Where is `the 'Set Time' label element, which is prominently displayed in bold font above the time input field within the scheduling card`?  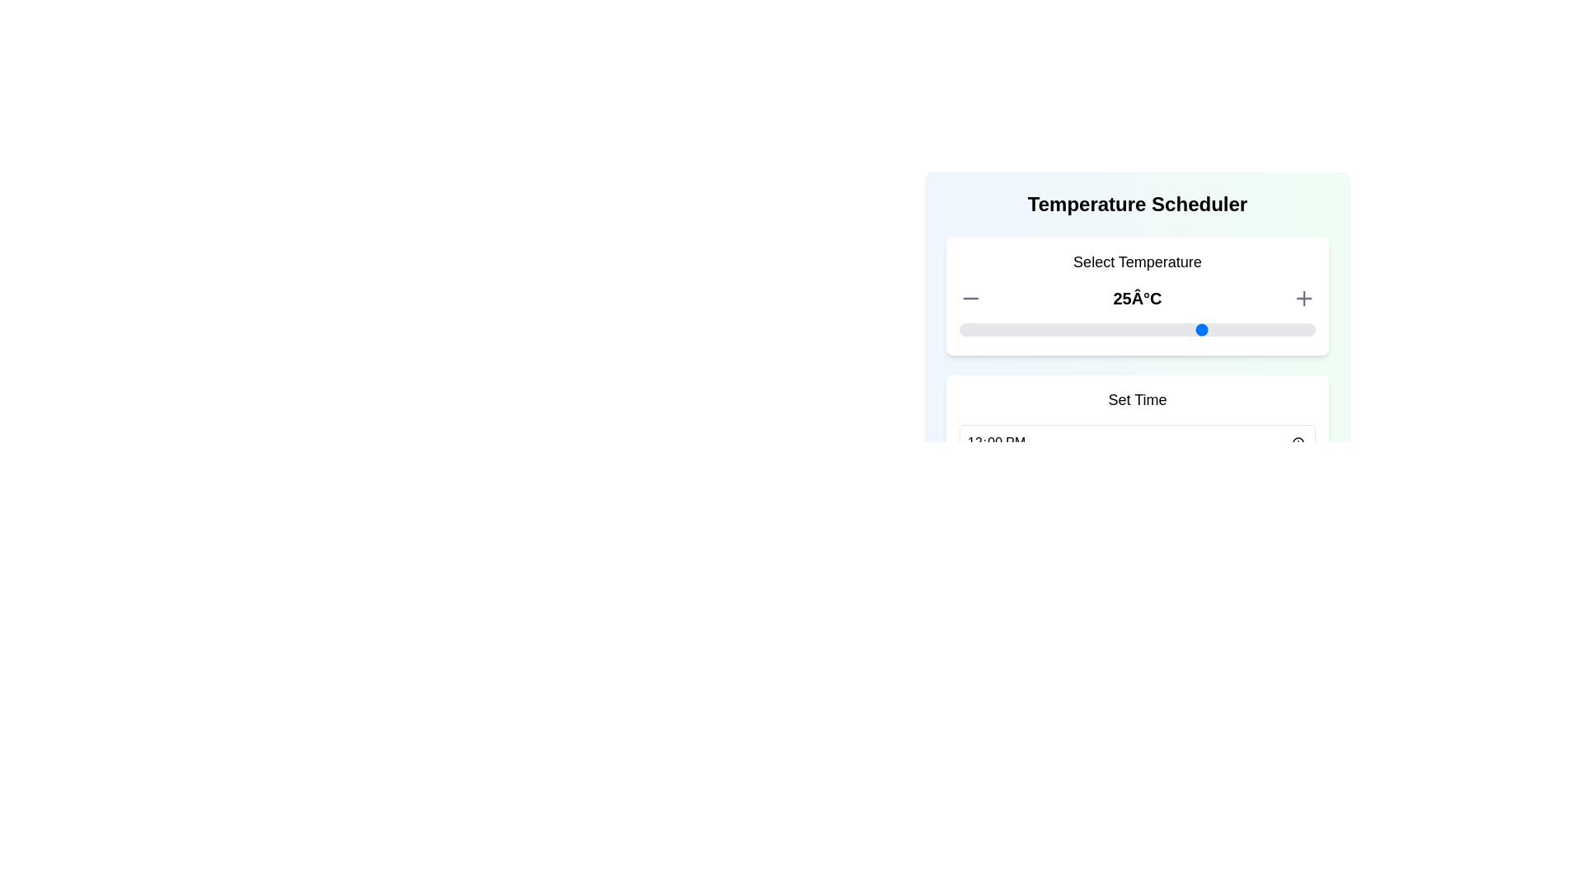
the 'Set Time' label element, which is prominently displayed in bold font above the time input field within the scheduling card is located at coordinates (1136, 400).